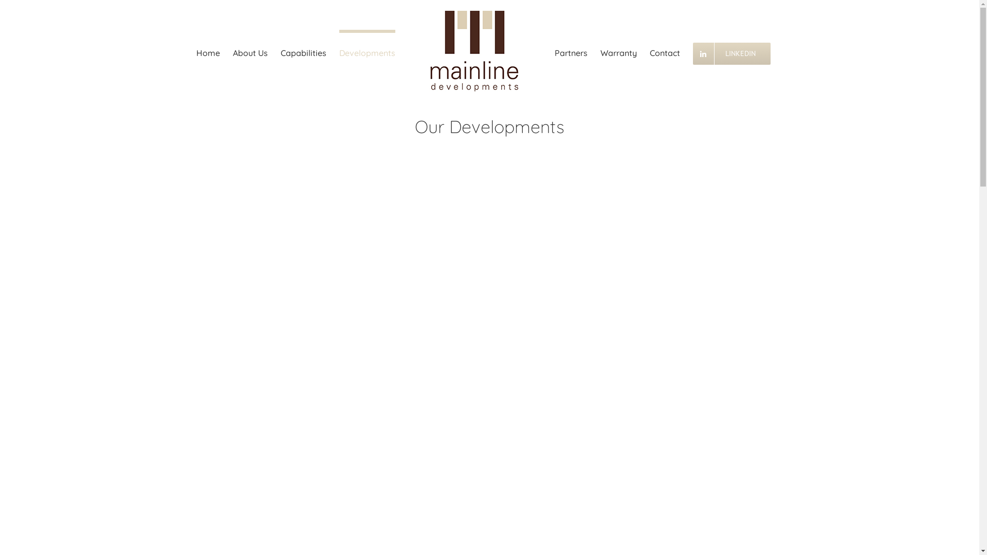 This screenshot has height=555, width=987. Describe the element at coordinates (207, 51) in the screenshot. I see `'Home'` at that location.